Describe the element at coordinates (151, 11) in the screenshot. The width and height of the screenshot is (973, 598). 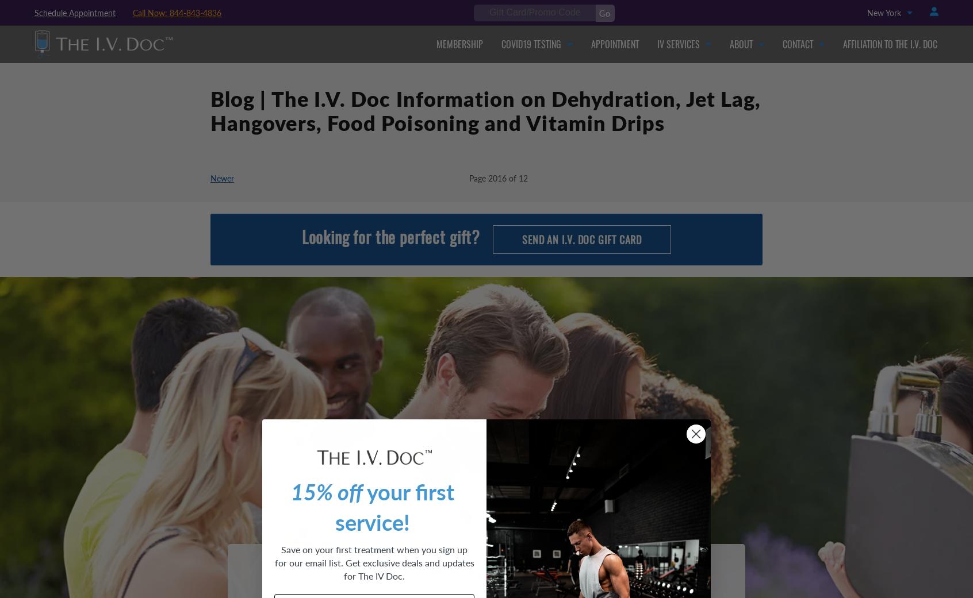
I see `'Call Now:'` at that location.